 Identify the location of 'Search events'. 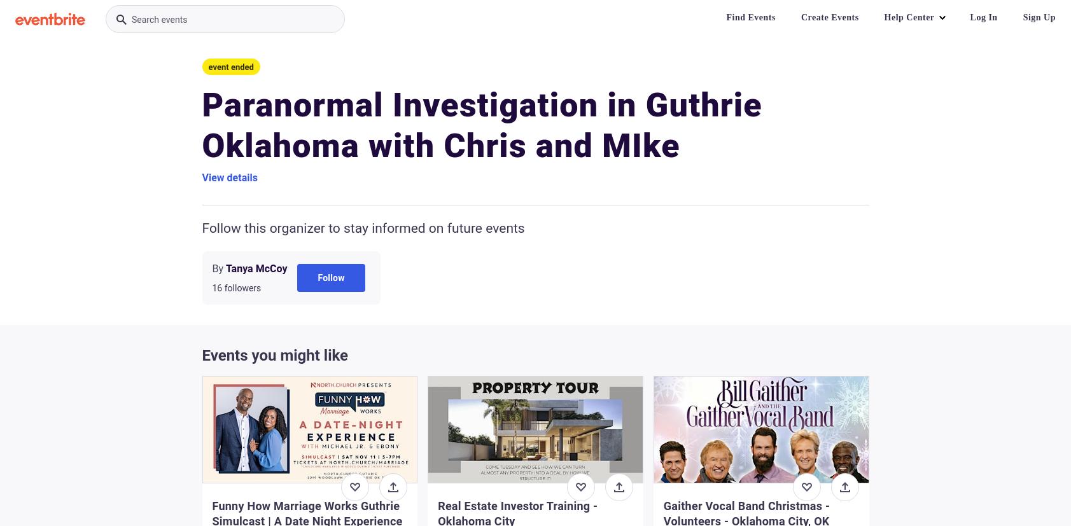
(158, 20).